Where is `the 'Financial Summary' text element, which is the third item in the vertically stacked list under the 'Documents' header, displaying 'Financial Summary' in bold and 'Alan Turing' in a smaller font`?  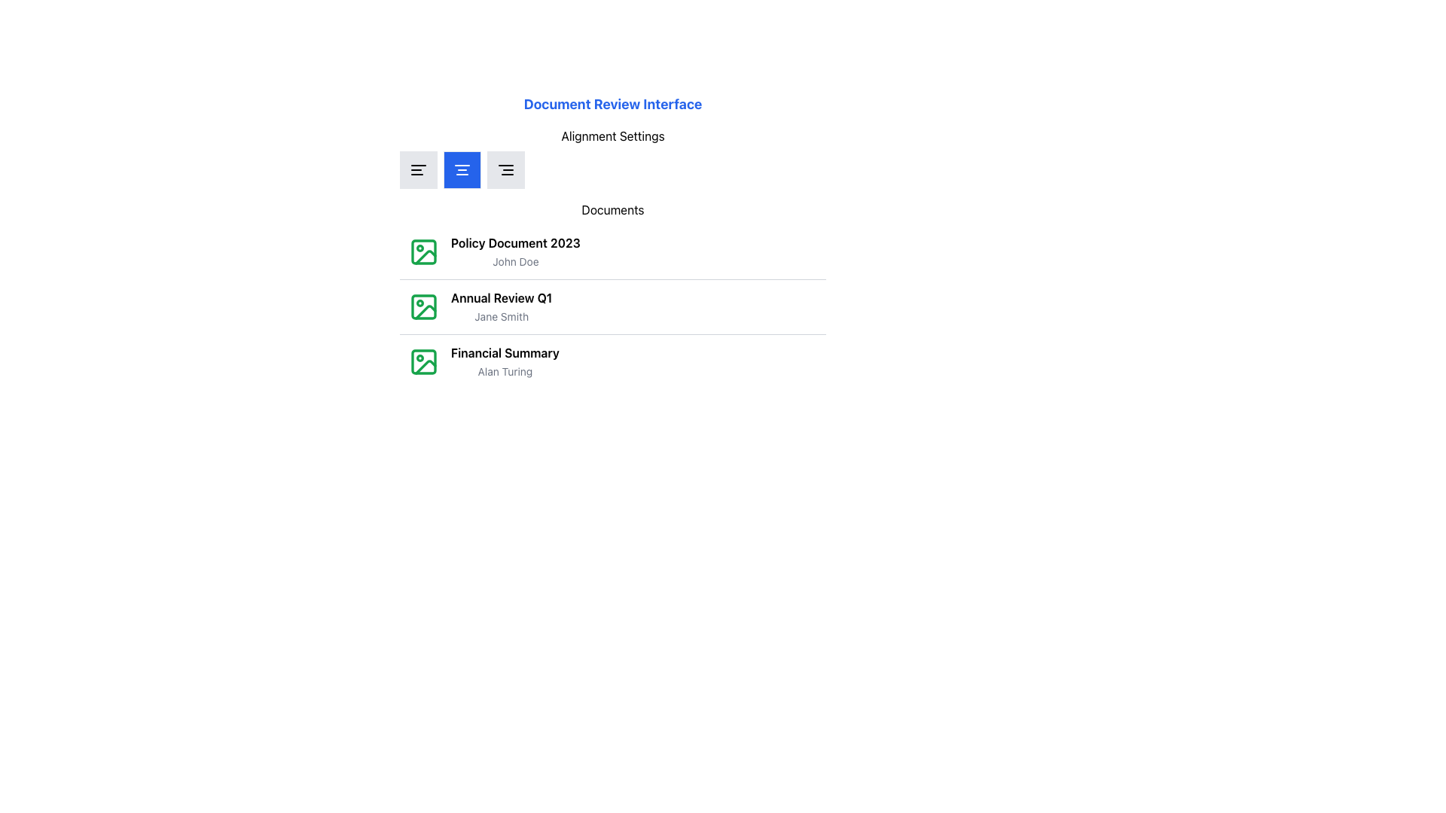
the 'Financial Summary' text element, which is the third item in the vertically stacked list under the 'Documents' header, displaying 'Financial Summary' in bold and 'Alan Turing' in a smaller font is located at coordinates (505, 362).